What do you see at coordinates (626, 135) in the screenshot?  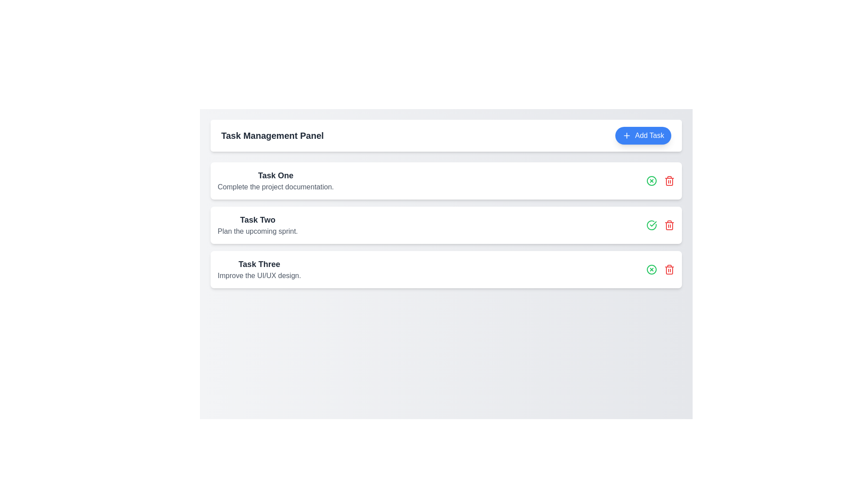 I see `the plus sign icon with a blue border located inside the 'Add Task' button at the top-right corner of the task management panel` at bounding box center [626, 135].